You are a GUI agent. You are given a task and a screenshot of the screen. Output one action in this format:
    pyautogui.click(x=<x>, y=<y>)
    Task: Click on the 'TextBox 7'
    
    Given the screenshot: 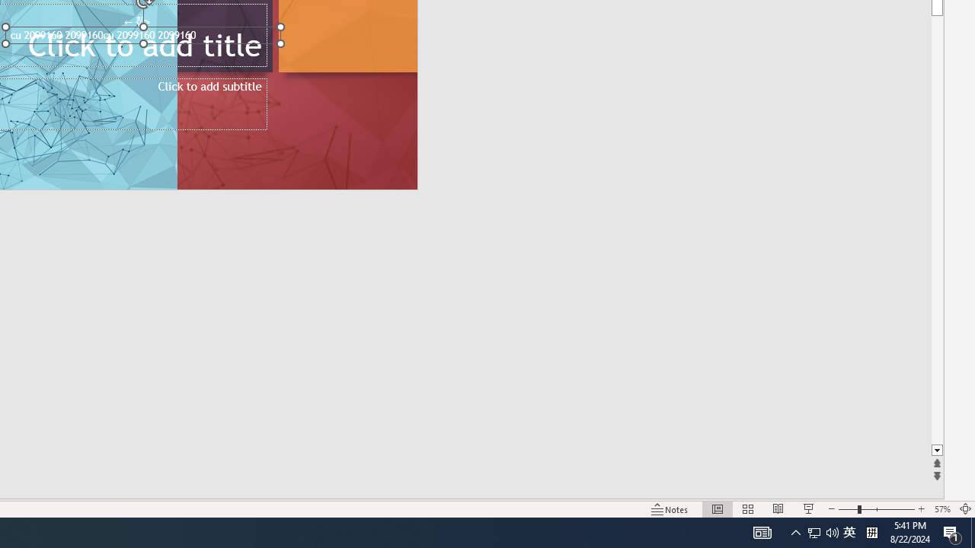 What is the action you would take?
    pyautogui.click(x=136, y=22)
    